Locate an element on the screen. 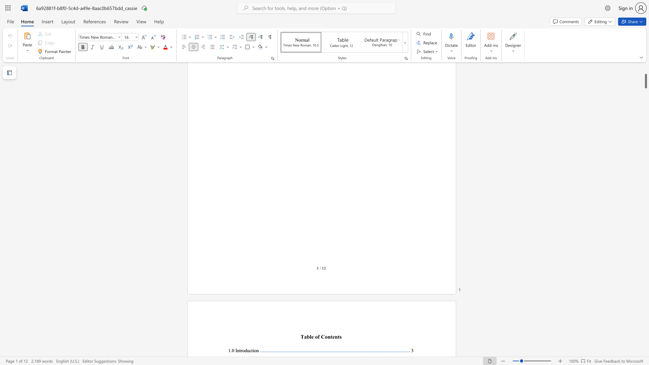 The image size is (649, 365). the scrollbar and move up 40 pixels is located at coordinates (645, 81).